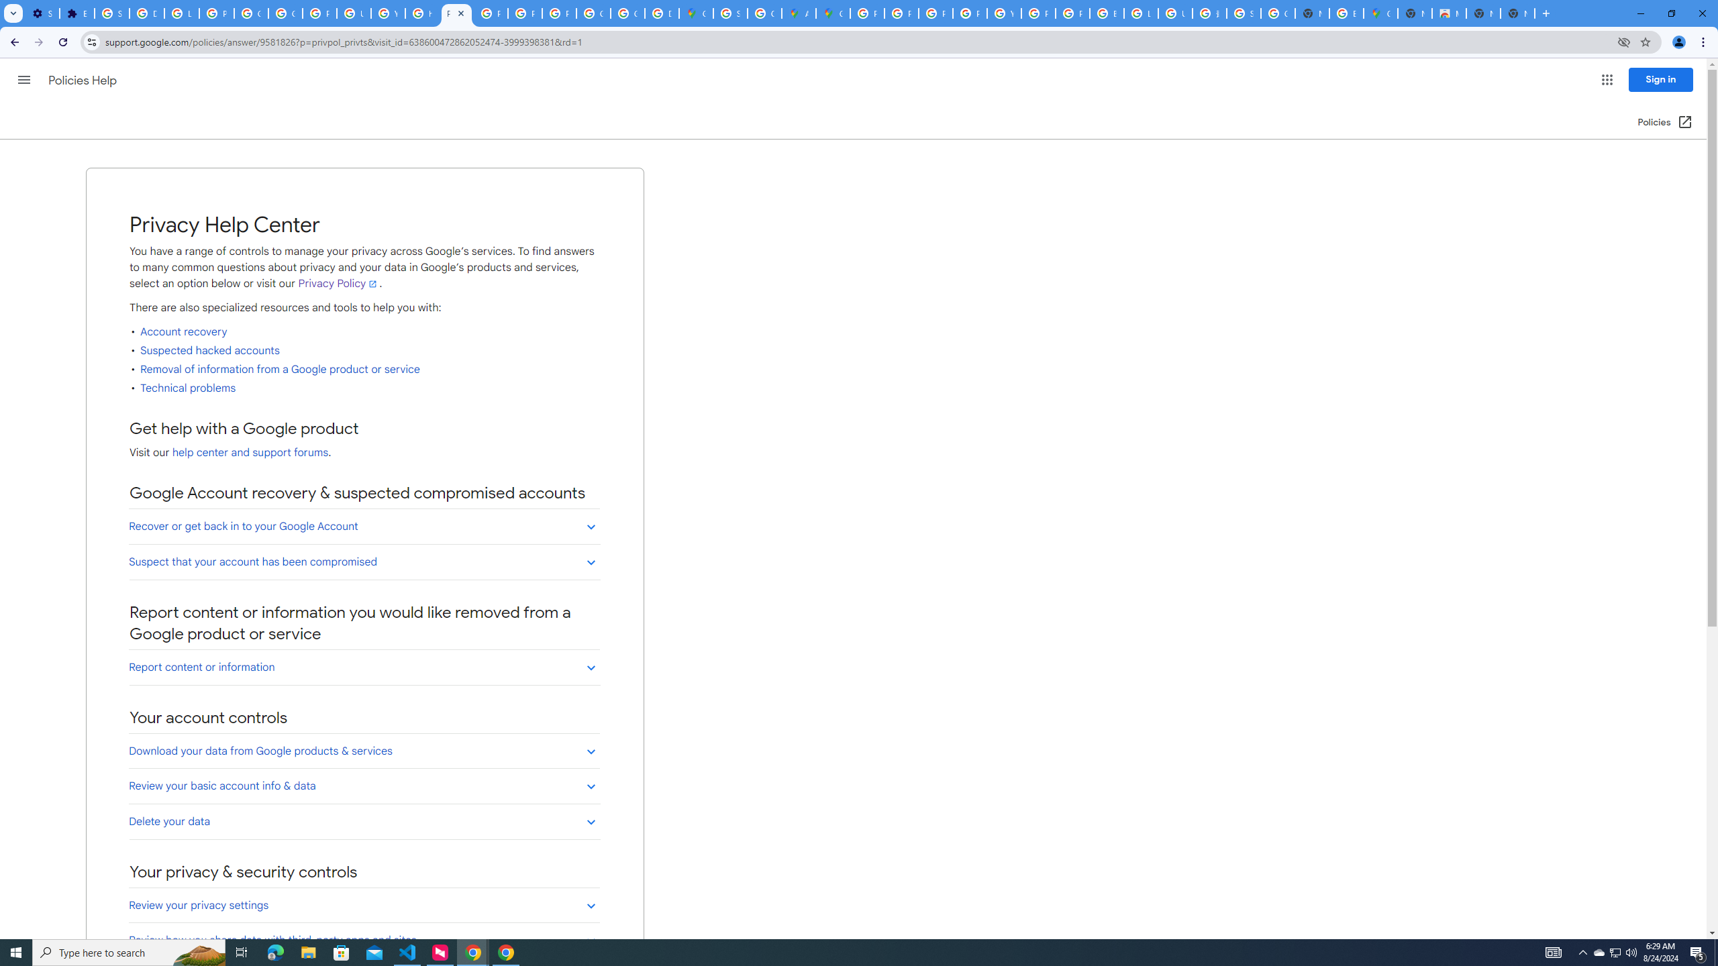  What do you see at coordinates (84, 80) in the screenshot?
I see `'Policies Help'` at bounding box center [84, 80].